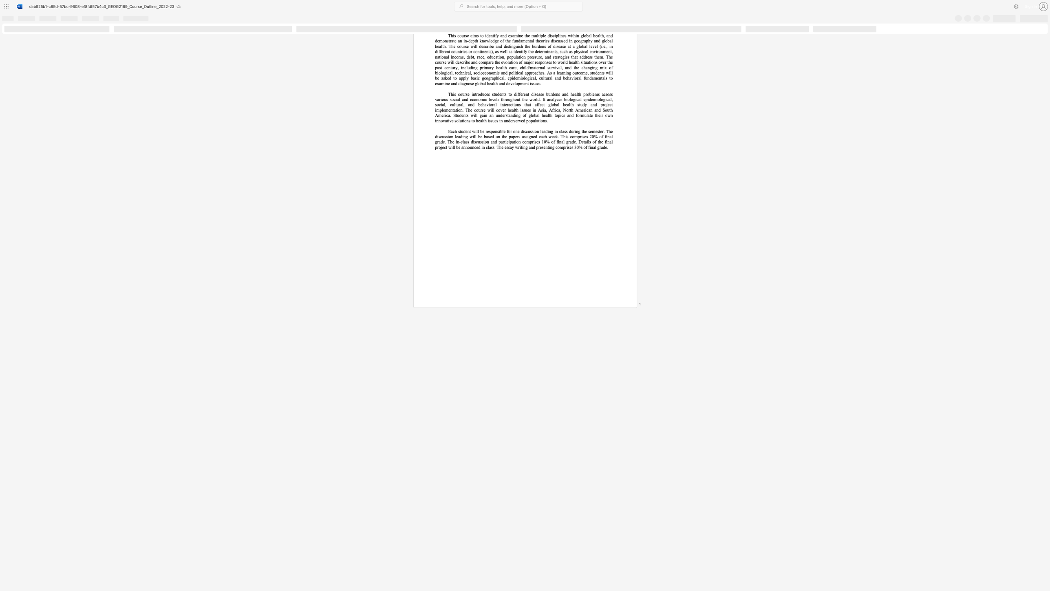 The image size is (1050, 591). Describe the element at coordinates (481, 51) in the screenshot. I see `the subset text "inents" within the text "continents"` at that location.